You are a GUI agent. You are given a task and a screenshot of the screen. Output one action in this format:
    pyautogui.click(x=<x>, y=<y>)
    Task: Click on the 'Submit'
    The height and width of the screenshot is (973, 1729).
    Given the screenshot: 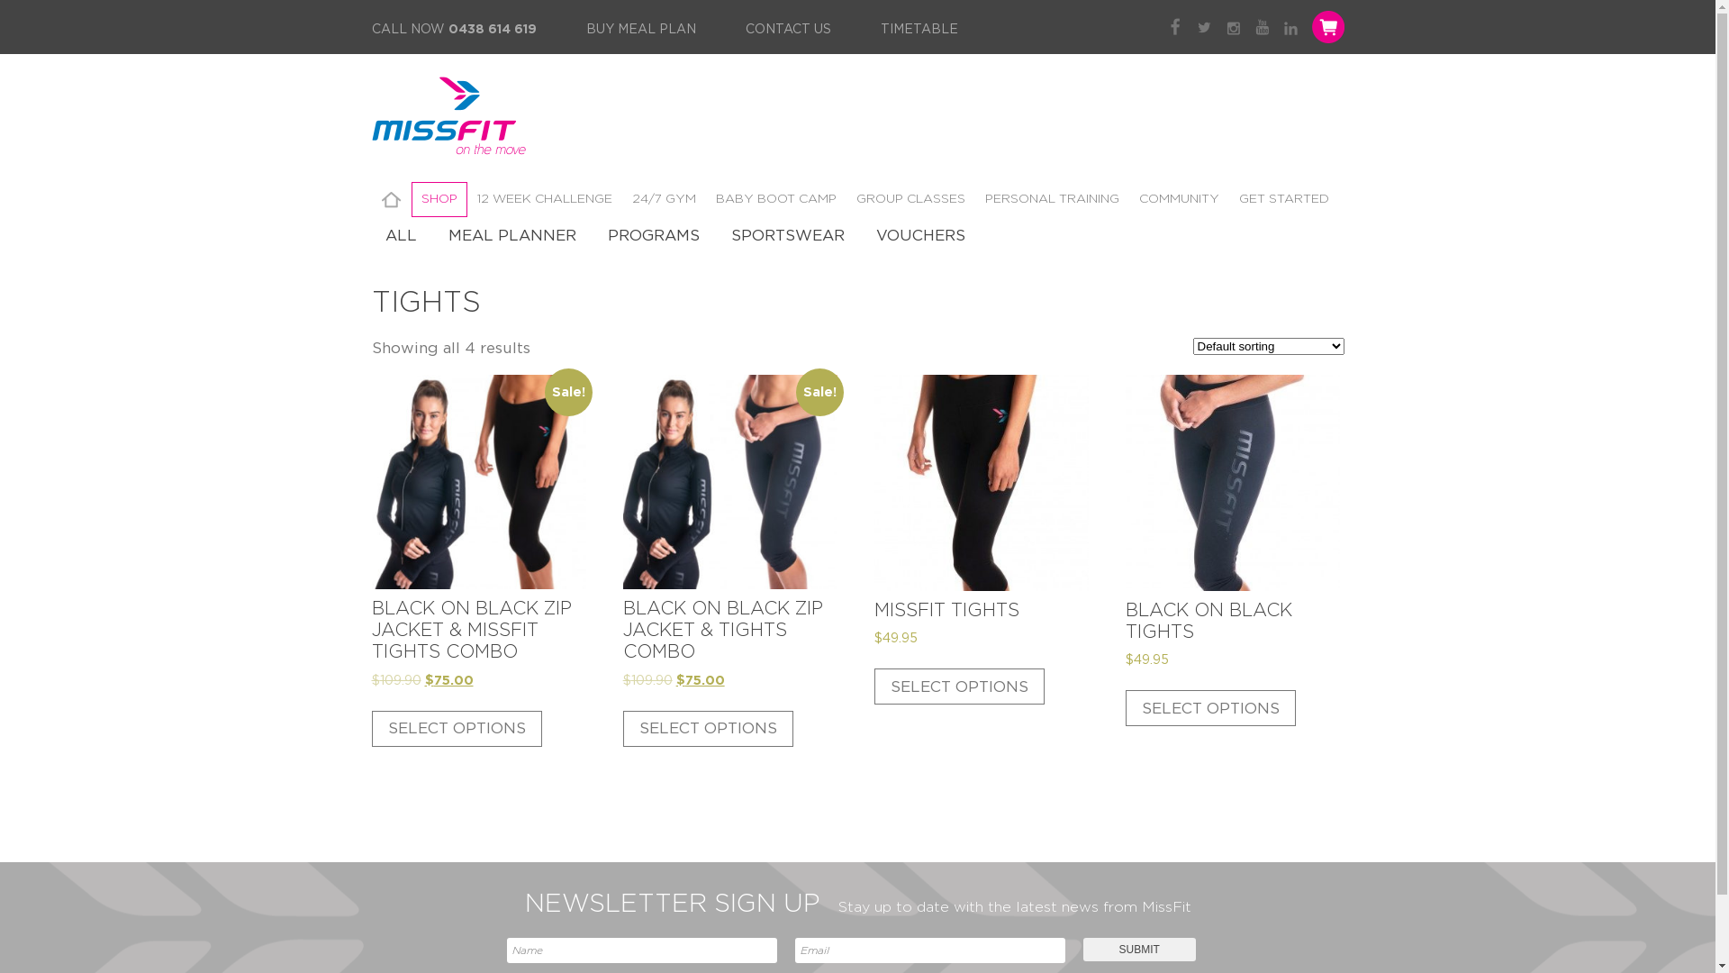 What is the action you would take?
    pyautogui.click(x=1137, y=948)
    